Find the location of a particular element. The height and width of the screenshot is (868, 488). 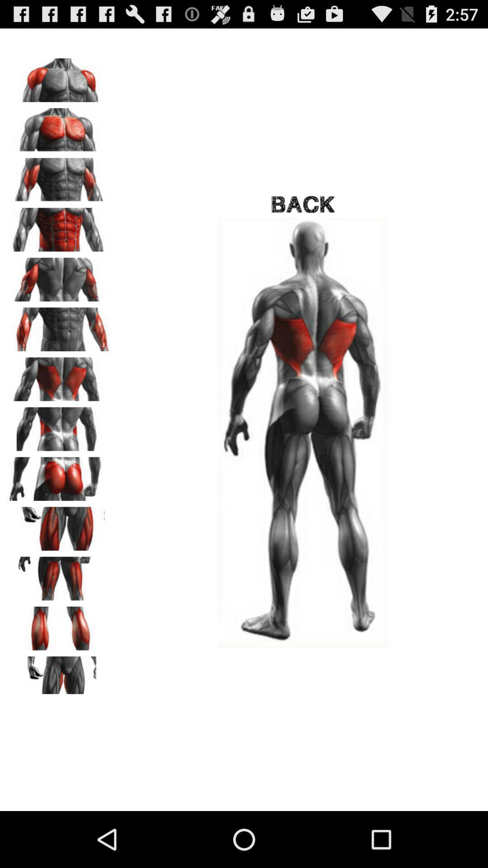

the font icon is located at coordinates (59, 402).